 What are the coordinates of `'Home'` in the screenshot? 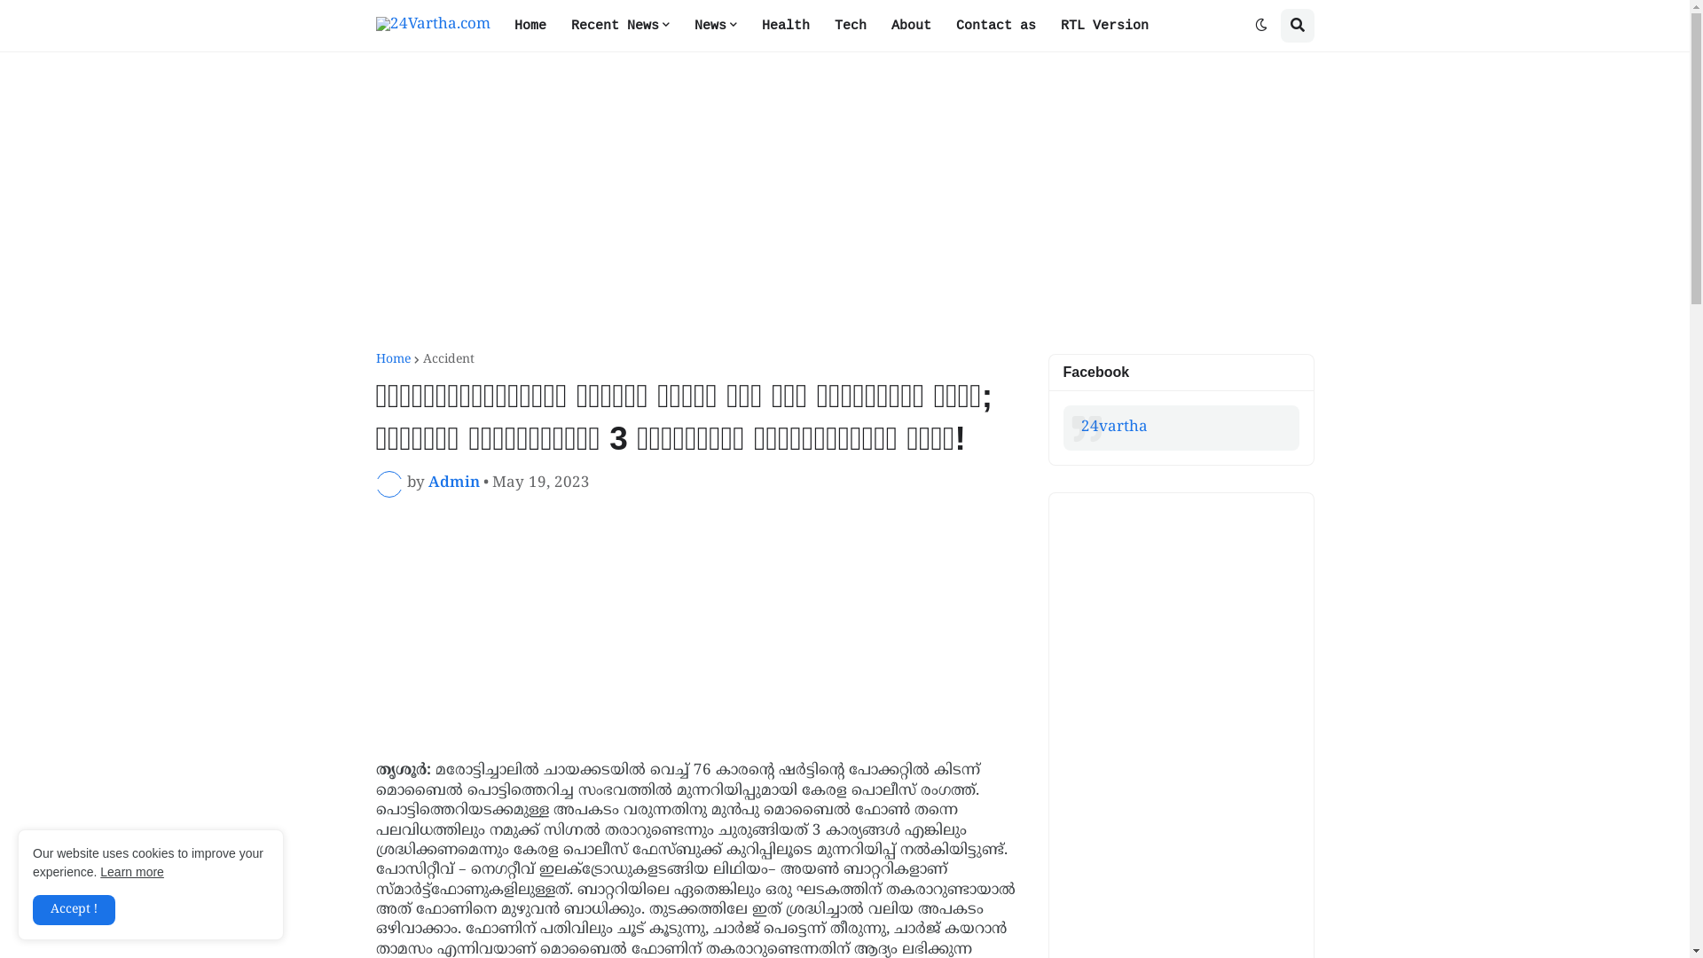 It's located at (530, 26).